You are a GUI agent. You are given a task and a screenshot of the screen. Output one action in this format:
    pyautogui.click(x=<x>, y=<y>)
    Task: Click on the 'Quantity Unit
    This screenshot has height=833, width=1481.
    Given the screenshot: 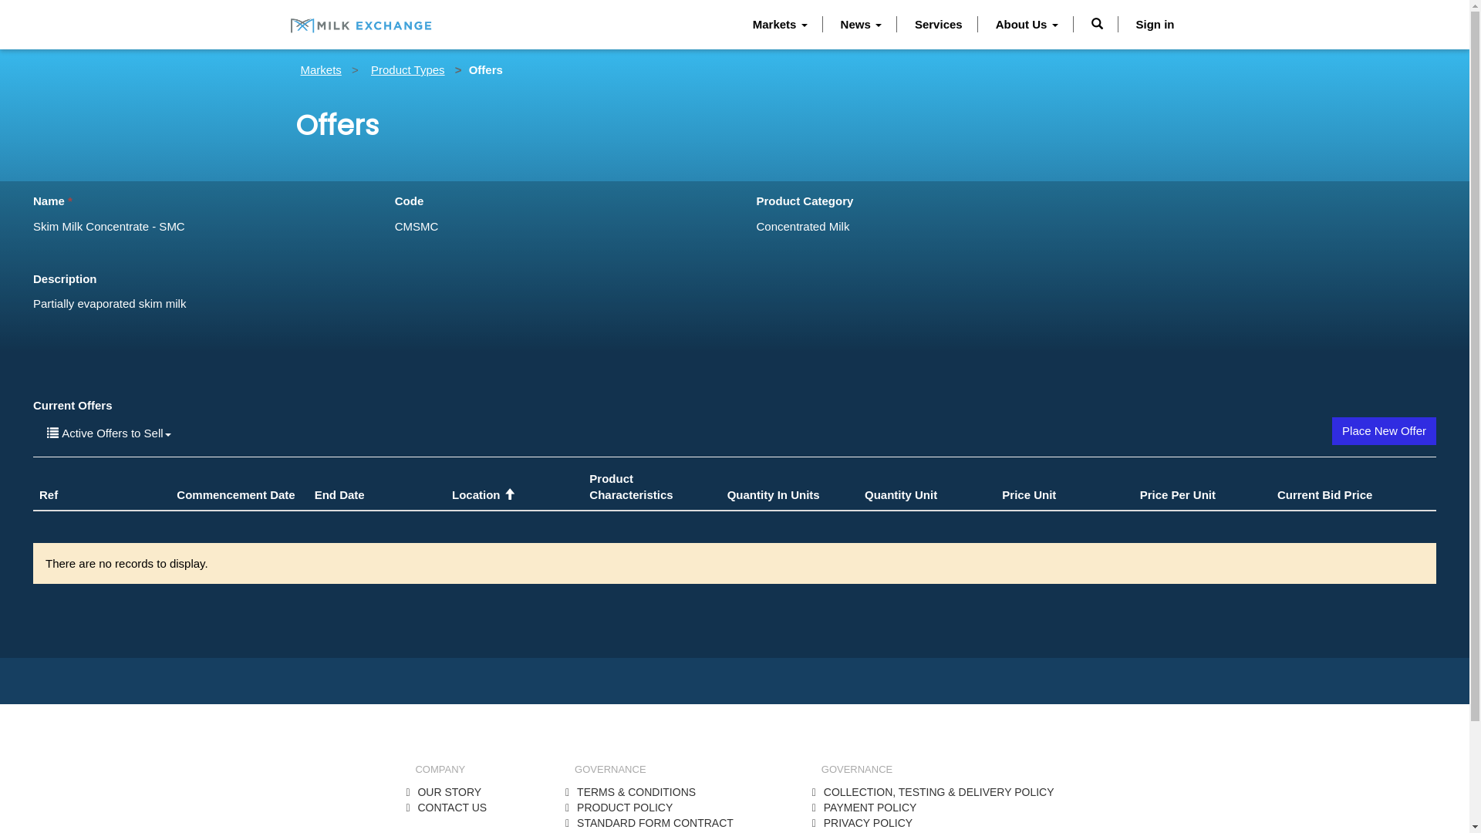 What is the action you would take?
    pyautogui.click(x=900, y=494)
    